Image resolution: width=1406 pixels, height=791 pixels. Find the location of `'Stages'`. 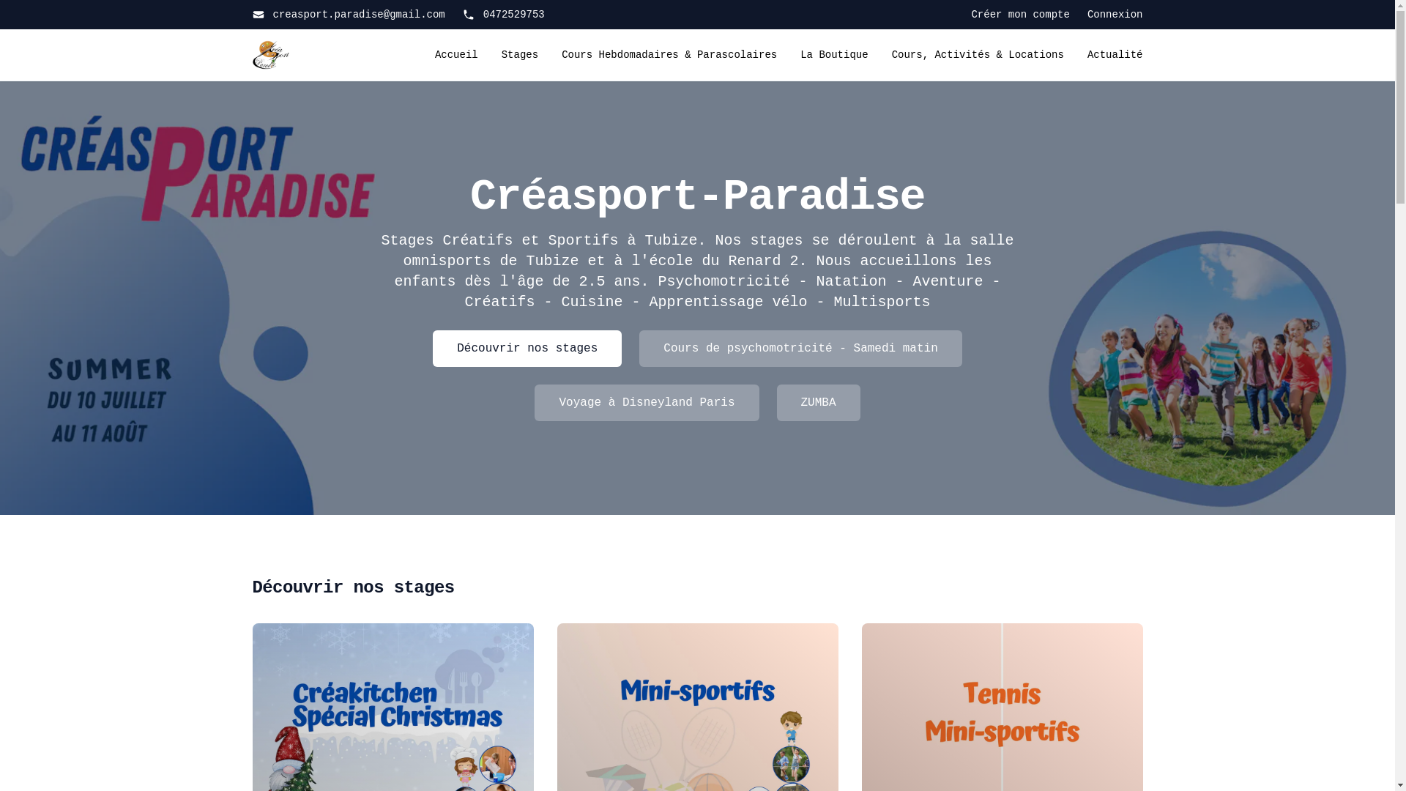

'Stages' is located at coordinates (495, 53).